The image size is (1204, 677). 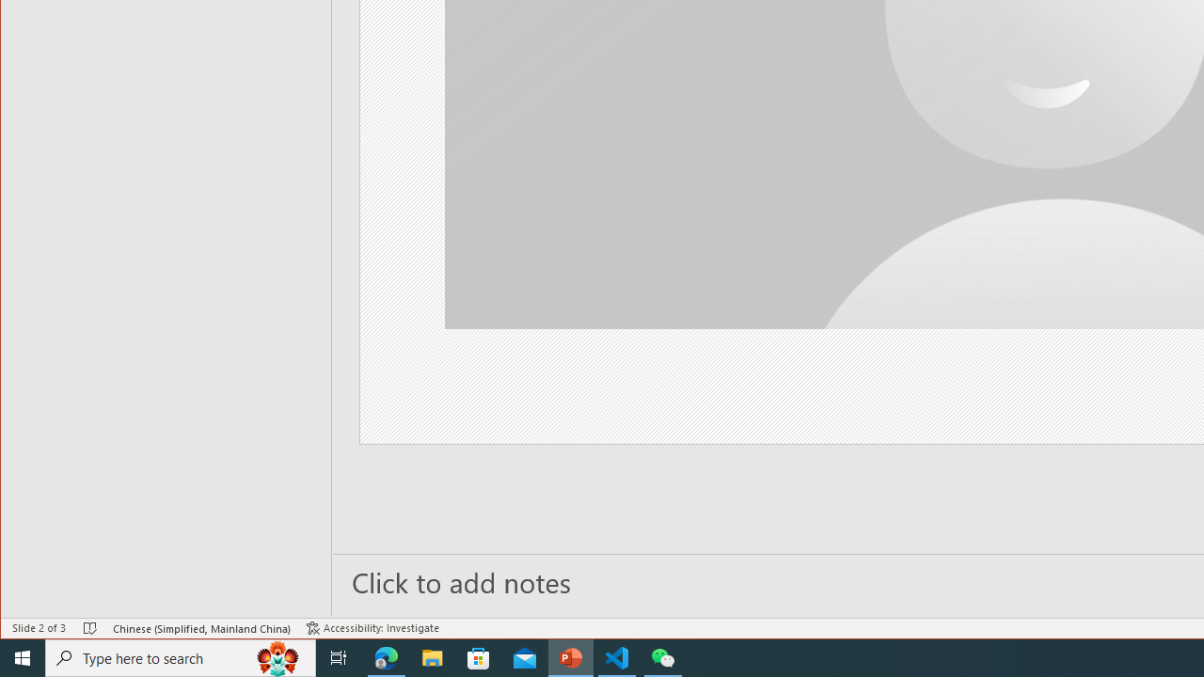 I want to click on 'Microsoft Store', so click(x=479, y=656).